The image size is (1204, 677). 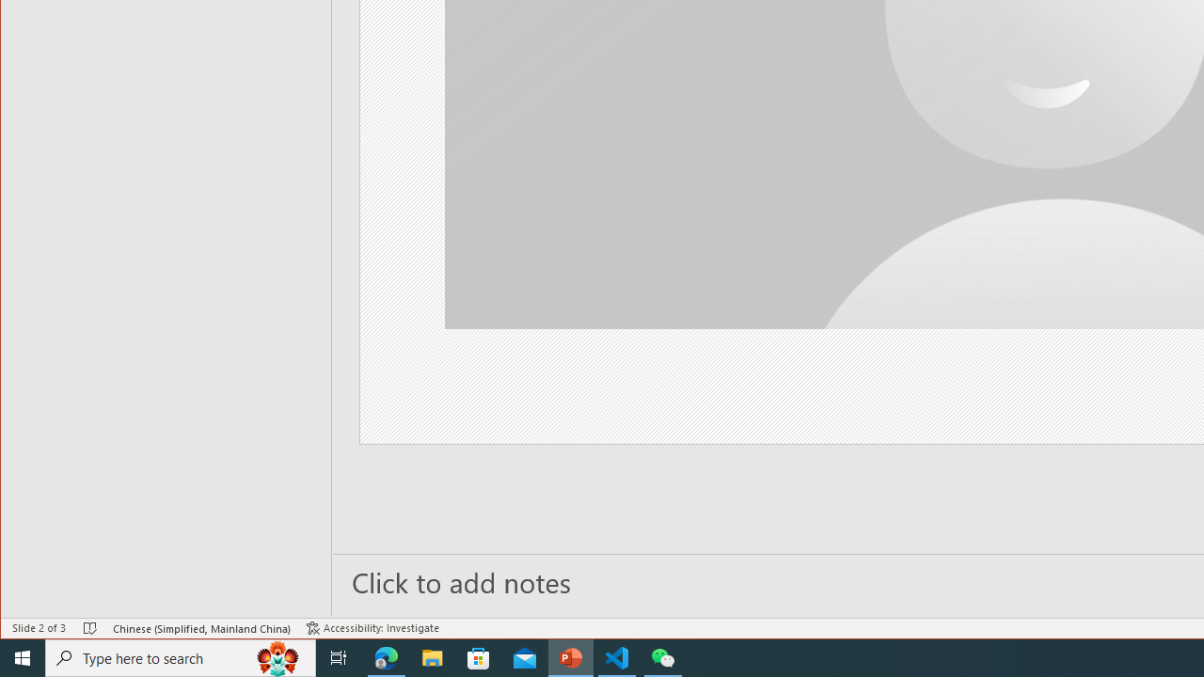 I want to click on 'Microsoft Store', so click(x=479, y=656).